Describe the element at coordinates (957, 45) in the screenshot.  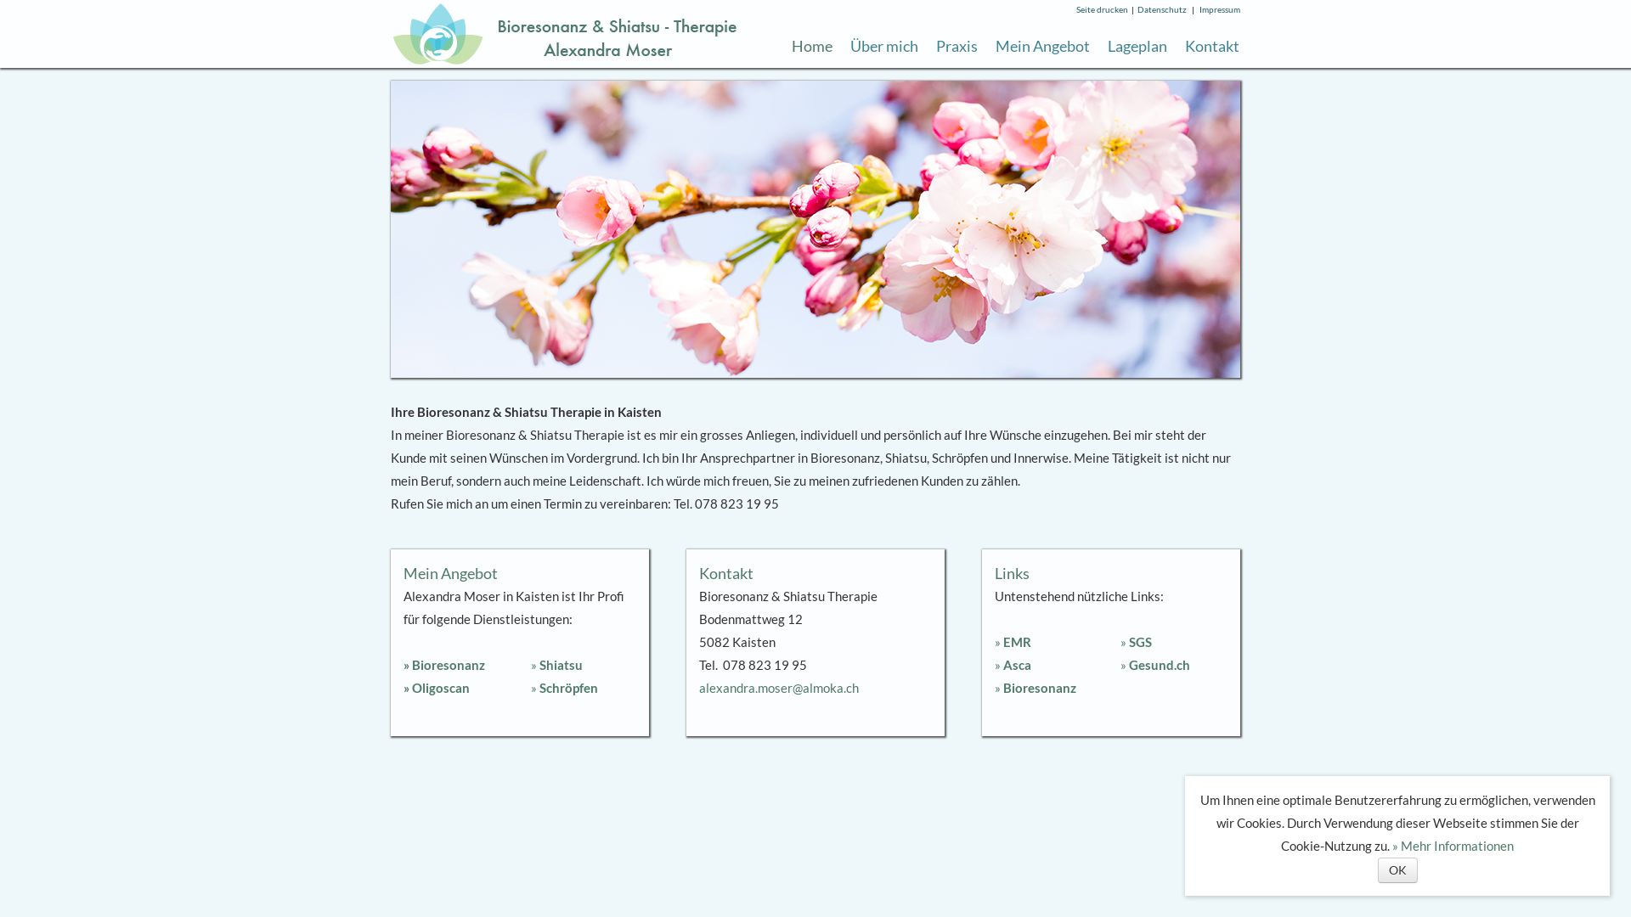
I see `'Praxis'` at that location.